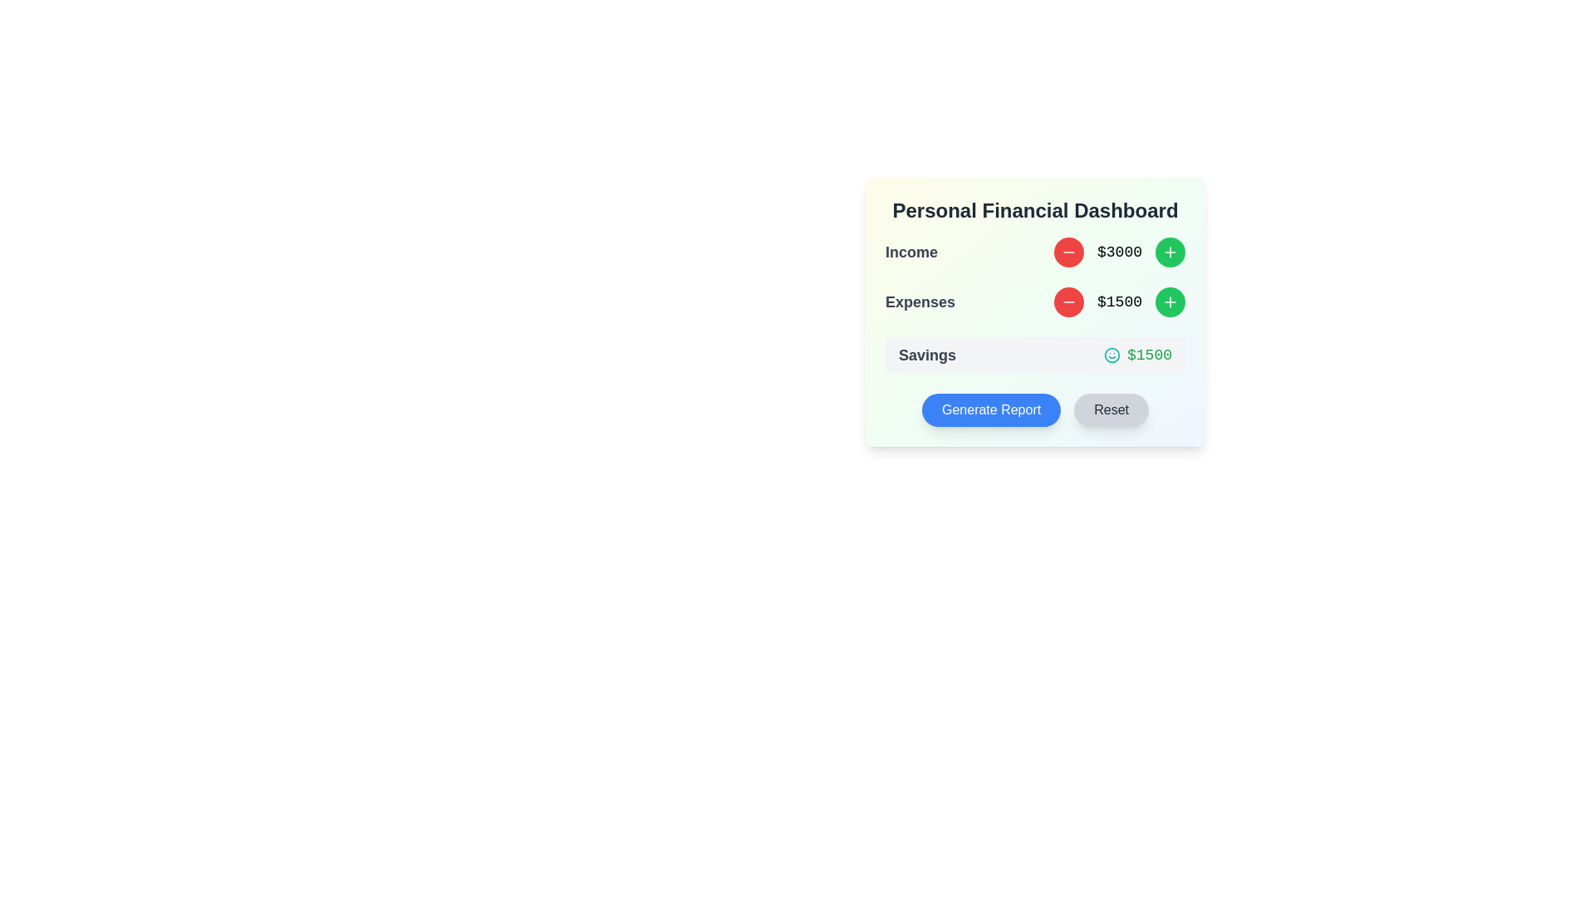 This screenshot has width=1595, height=897. Describe the element at coordinates (1120, 252) in the screenshot. I see `the static text label displaying the current income value in the financial dashboard, located in the center column under the 'Income' label` at that location.